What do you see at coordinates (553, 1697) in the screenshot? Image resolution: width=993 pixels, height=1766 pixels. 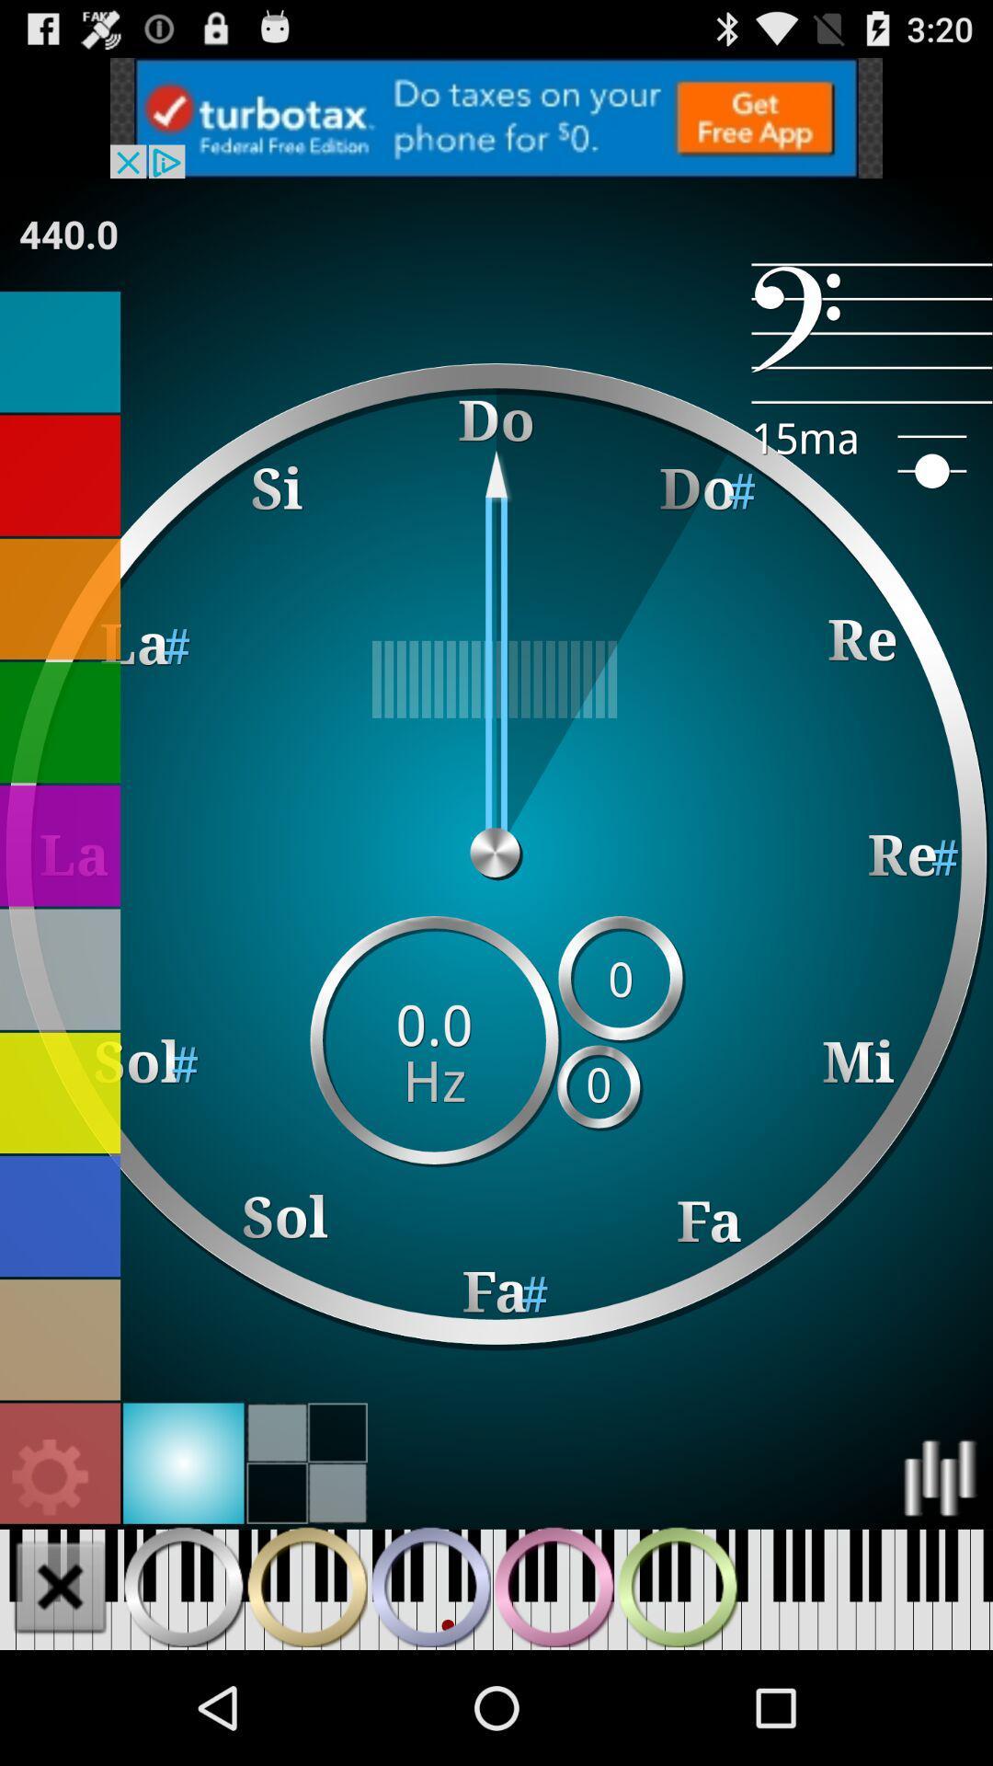 I see `the pause icon` at bounding box center [553, 1697].